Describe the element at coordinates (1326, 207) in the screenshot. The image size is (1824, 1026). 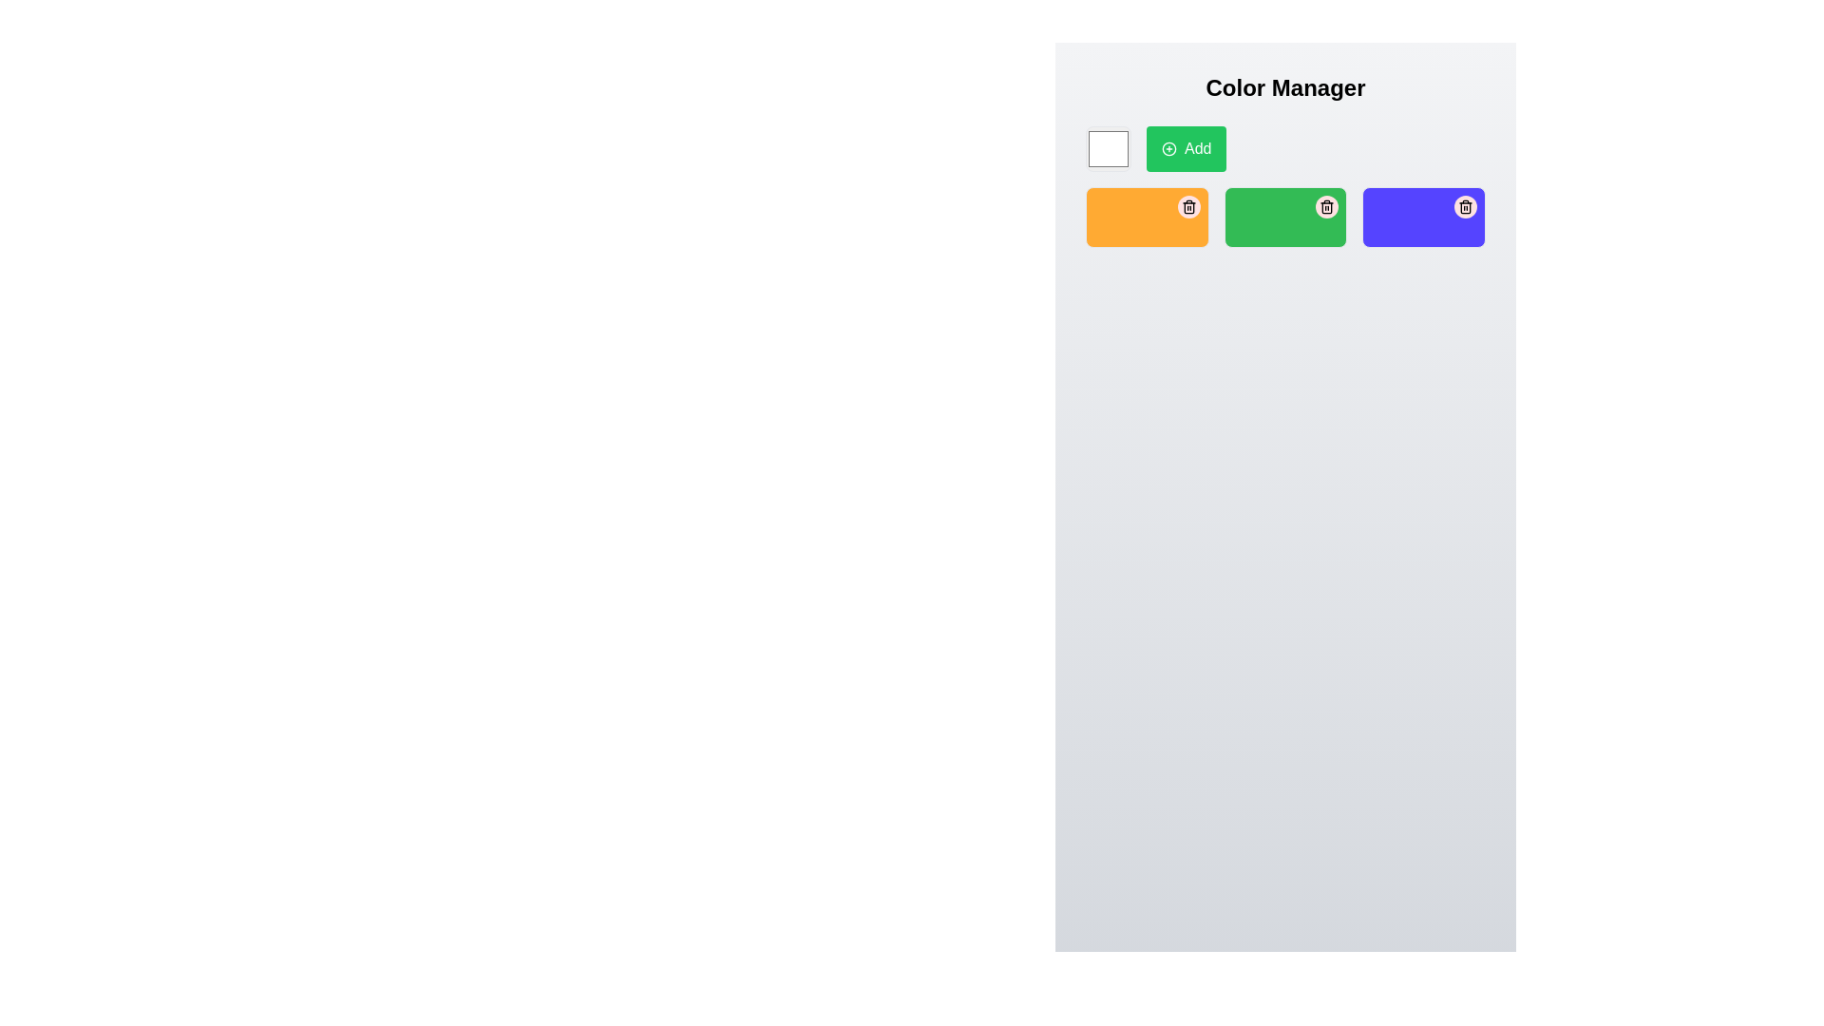
I see `the trashcan icon button located in the top-right corner of the green card` at that location.